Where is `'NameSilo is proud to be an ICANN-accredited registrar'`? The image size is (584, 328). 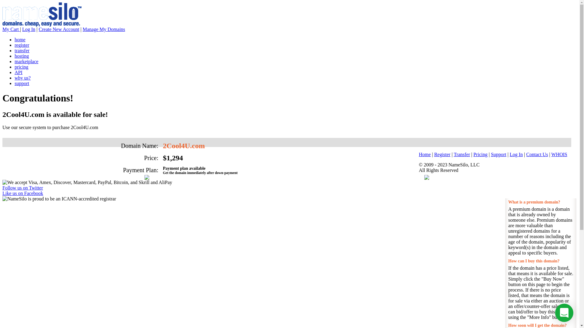 'NameSilo is proud to be an ICANN-accredited registrar' is located at coordinates (2, 199).